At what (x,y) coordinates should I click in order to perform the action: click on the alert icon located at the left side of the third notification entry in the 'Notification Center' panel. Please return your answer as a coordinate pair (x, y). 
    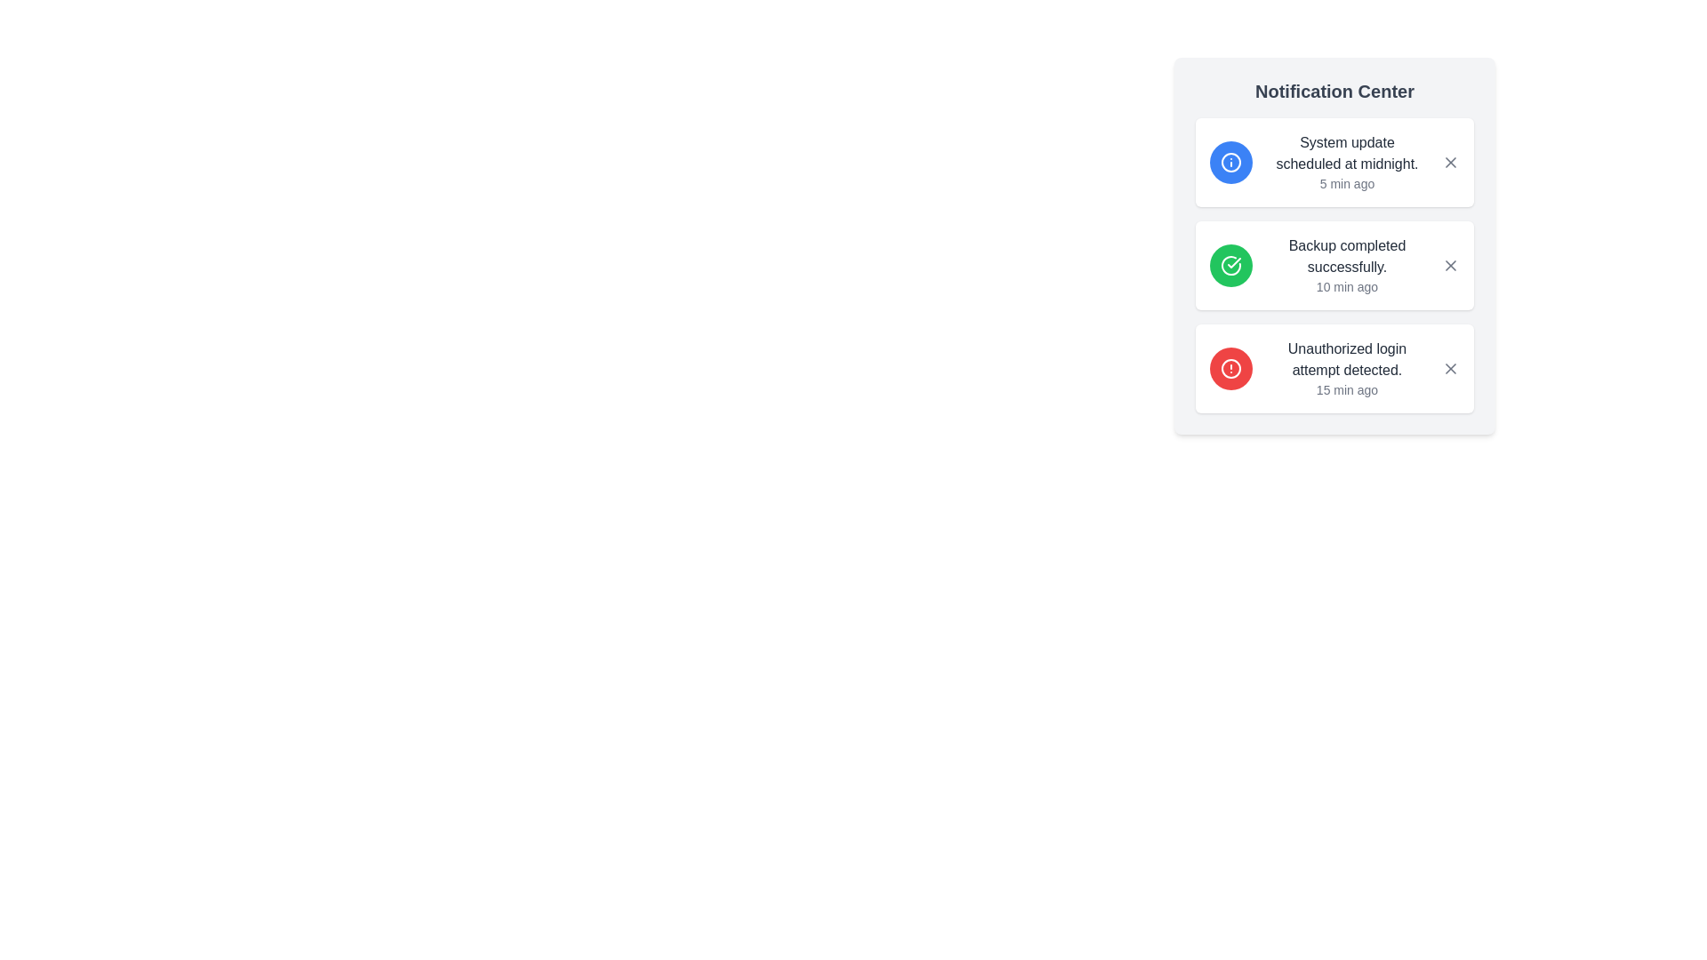
    Looking at the image, I should click on (1230, 368).